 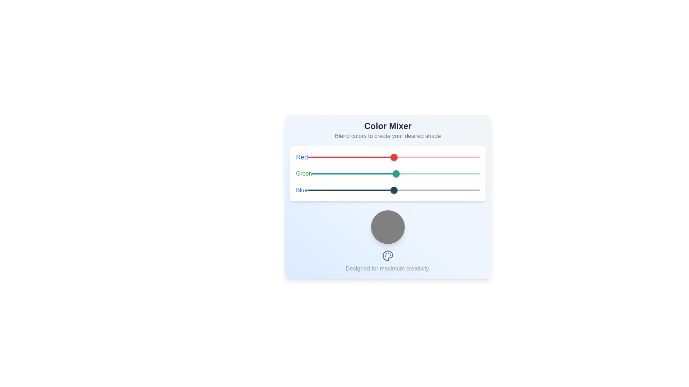 What do you see at coordinates (344, 174) in the screenshot?
I see `the green slider` at bounding box center [344, 174].